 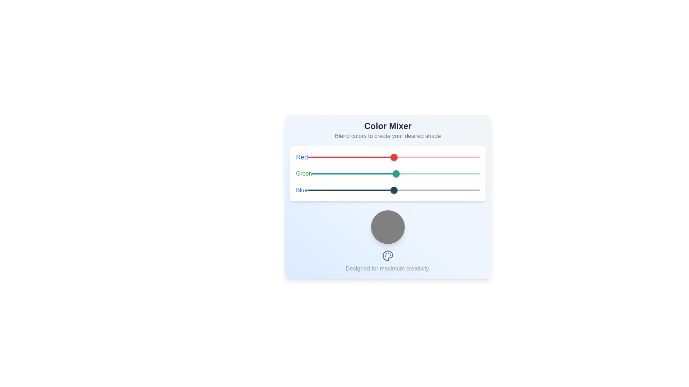 What do you see at coordinates (344, 174) in the screenshot?
I see `the green slider` at bounding box center [344, 174].